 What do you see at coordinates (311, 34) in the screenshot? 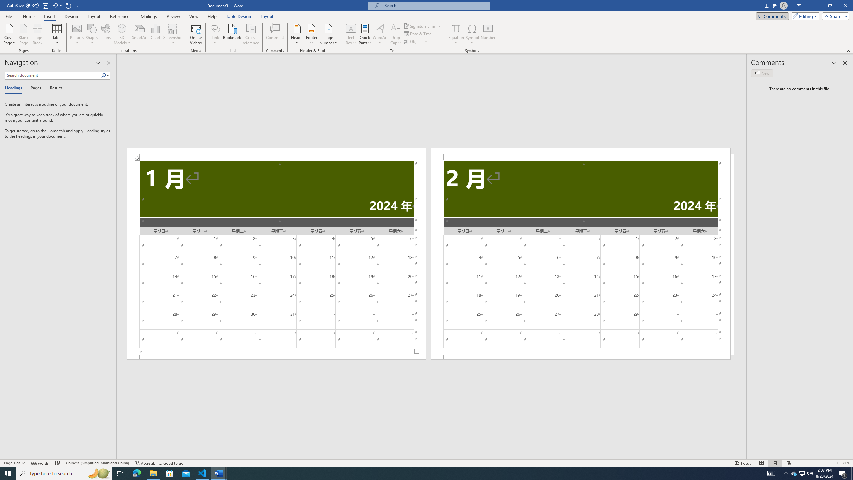
I see `'Footer'` at bounding box center [311, 34].